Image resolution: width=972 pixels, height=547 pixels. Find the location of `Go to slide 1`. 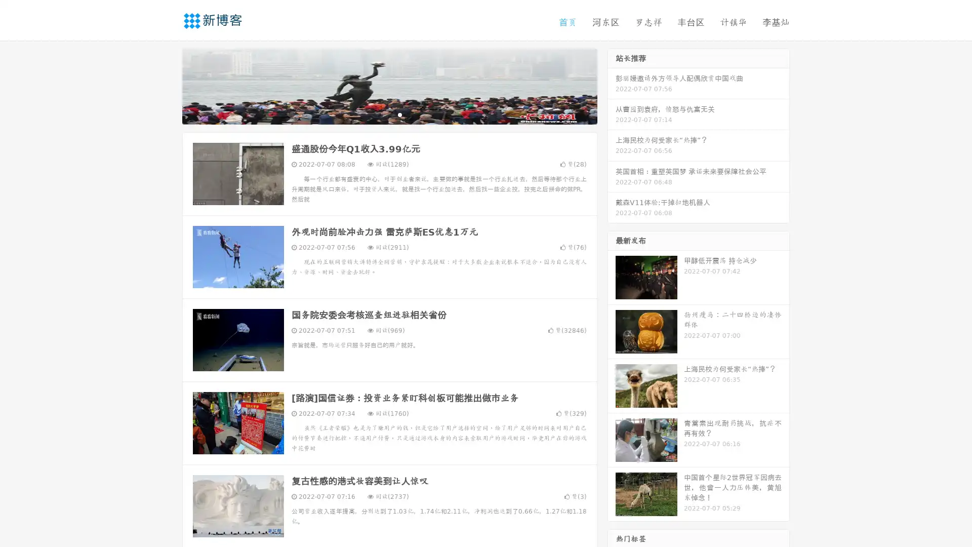

Go to slide 1 is located at coordinates (379, 114).